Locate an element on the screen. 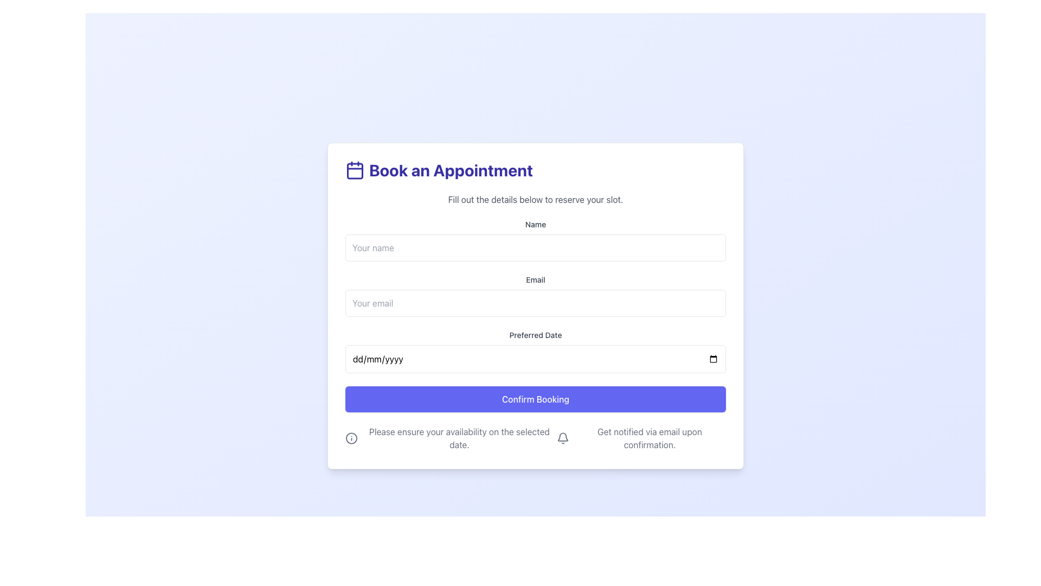 Image resolution: width=1041 pixels, height=586 pixels. the informational text label that reads 'Fill out the details below to reserve your slot.', which is styled with a gray font color and is positioned directly below the title 'Book an Appointment' is located at coordinates (536, 199).